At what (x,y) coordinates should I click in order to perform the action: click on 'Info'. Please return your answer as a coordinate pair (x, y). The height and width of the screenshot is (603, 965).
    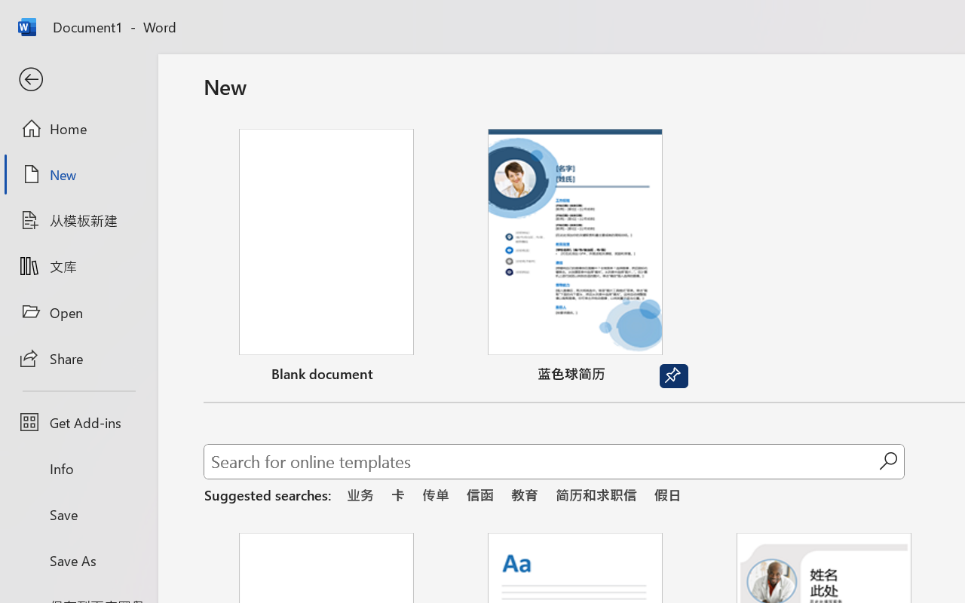
    Looking at the image, I should click on (78, 468).